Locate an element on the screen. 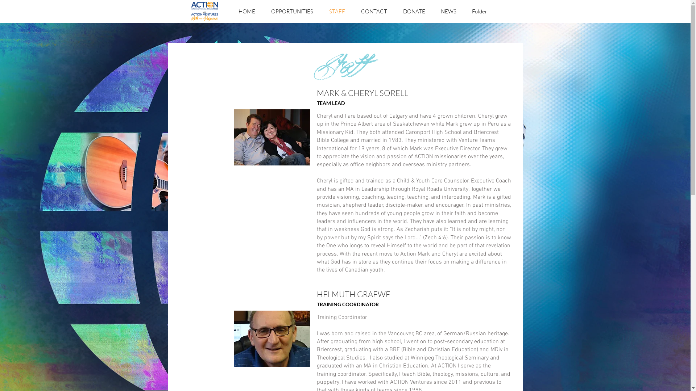 The width and height of the screenshot is (696, 391). 'NEWS' is located at coordinates (448, 11).